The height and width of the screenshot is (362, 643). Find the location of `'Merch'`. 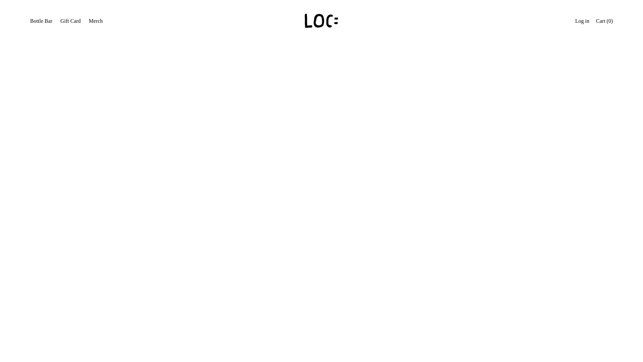

'Merch' is located at coordinates (43, 127).